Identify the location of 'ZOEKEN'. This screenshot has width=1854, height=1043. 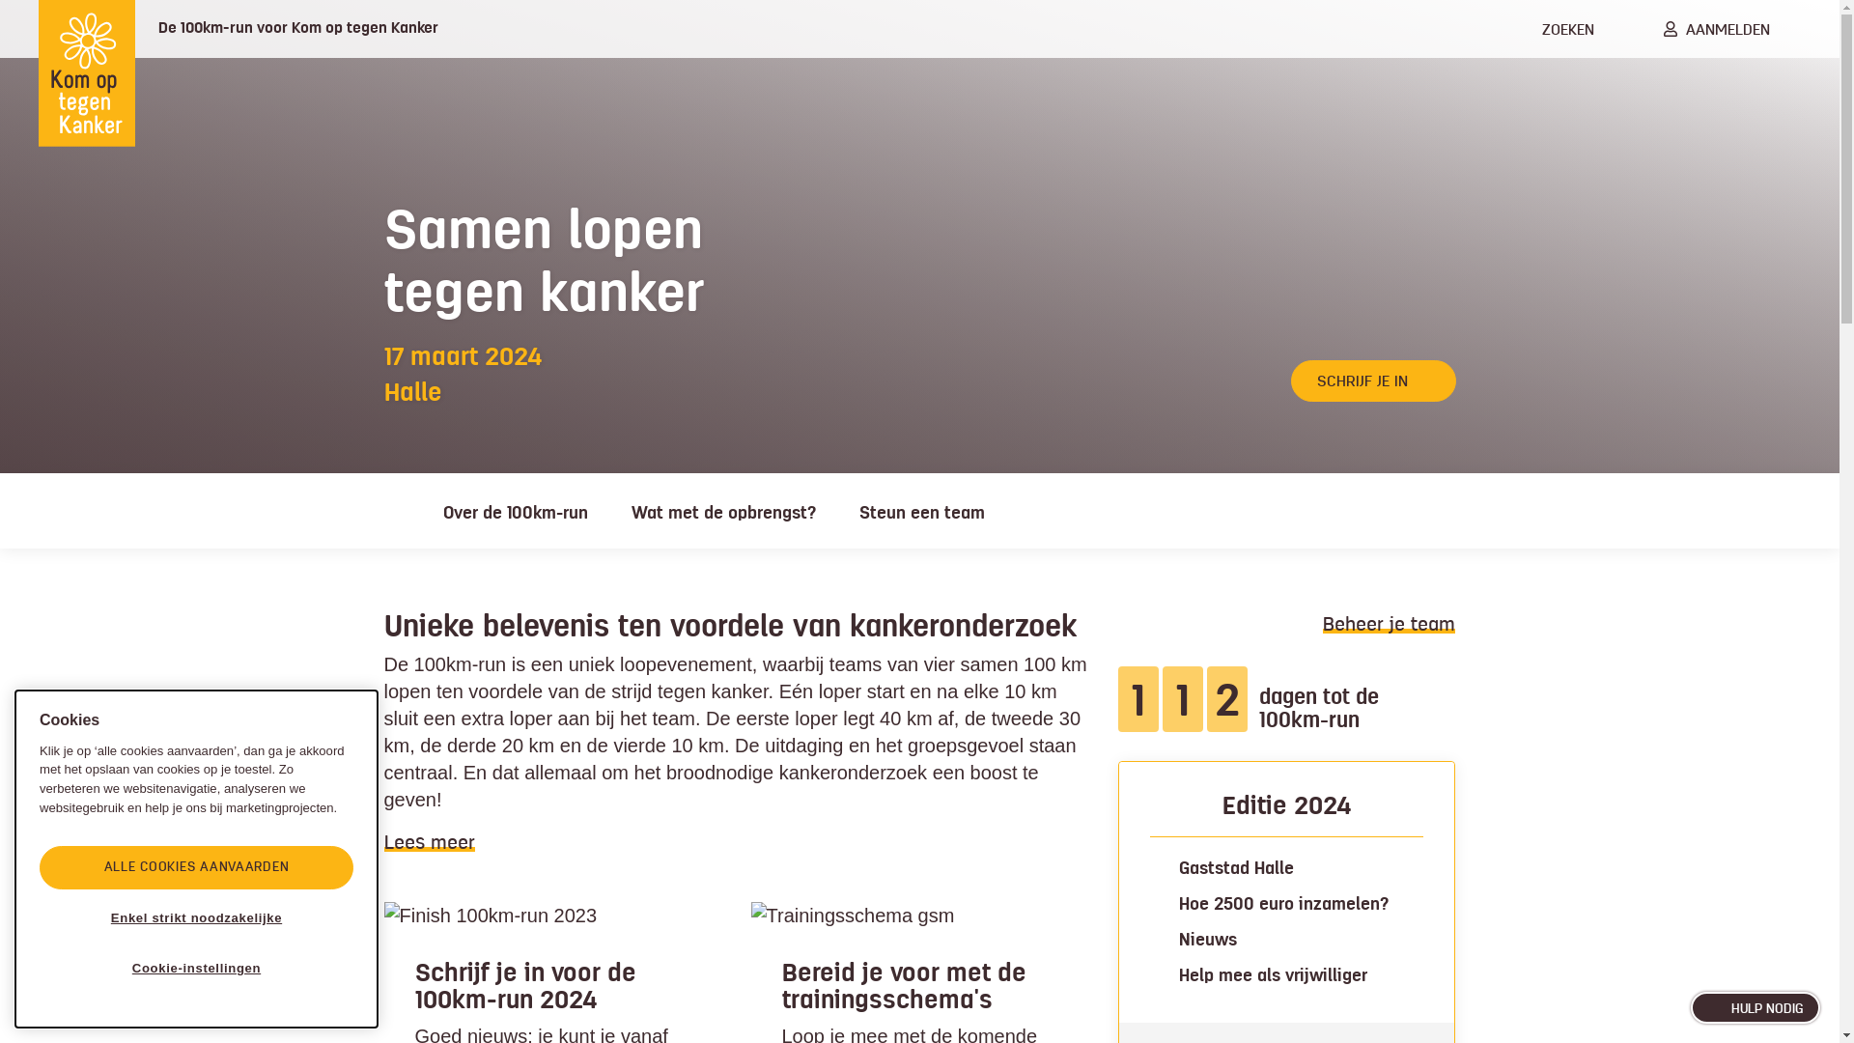
(1494, 29).